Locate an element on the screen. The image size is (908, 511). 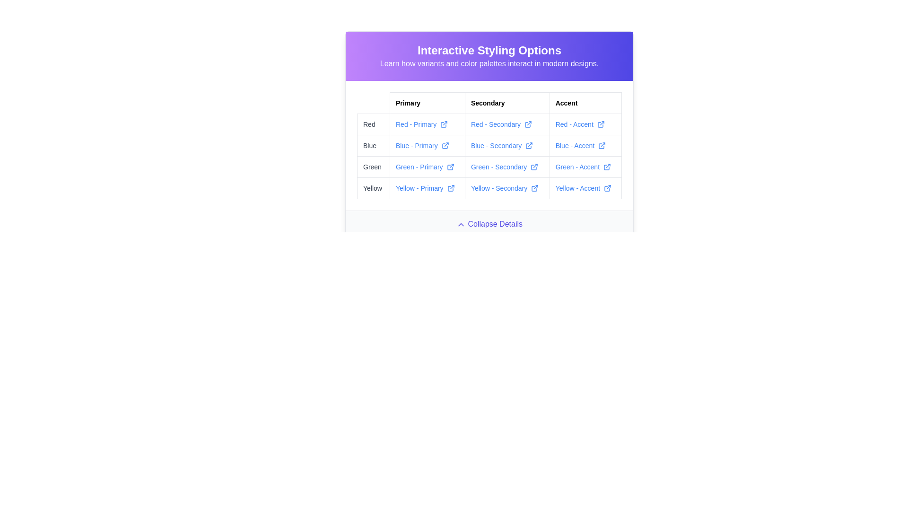
the rich styled hyperlink located in the third column under 'Accent' and the first row under 'Red' is located at coordinates (585, 123).